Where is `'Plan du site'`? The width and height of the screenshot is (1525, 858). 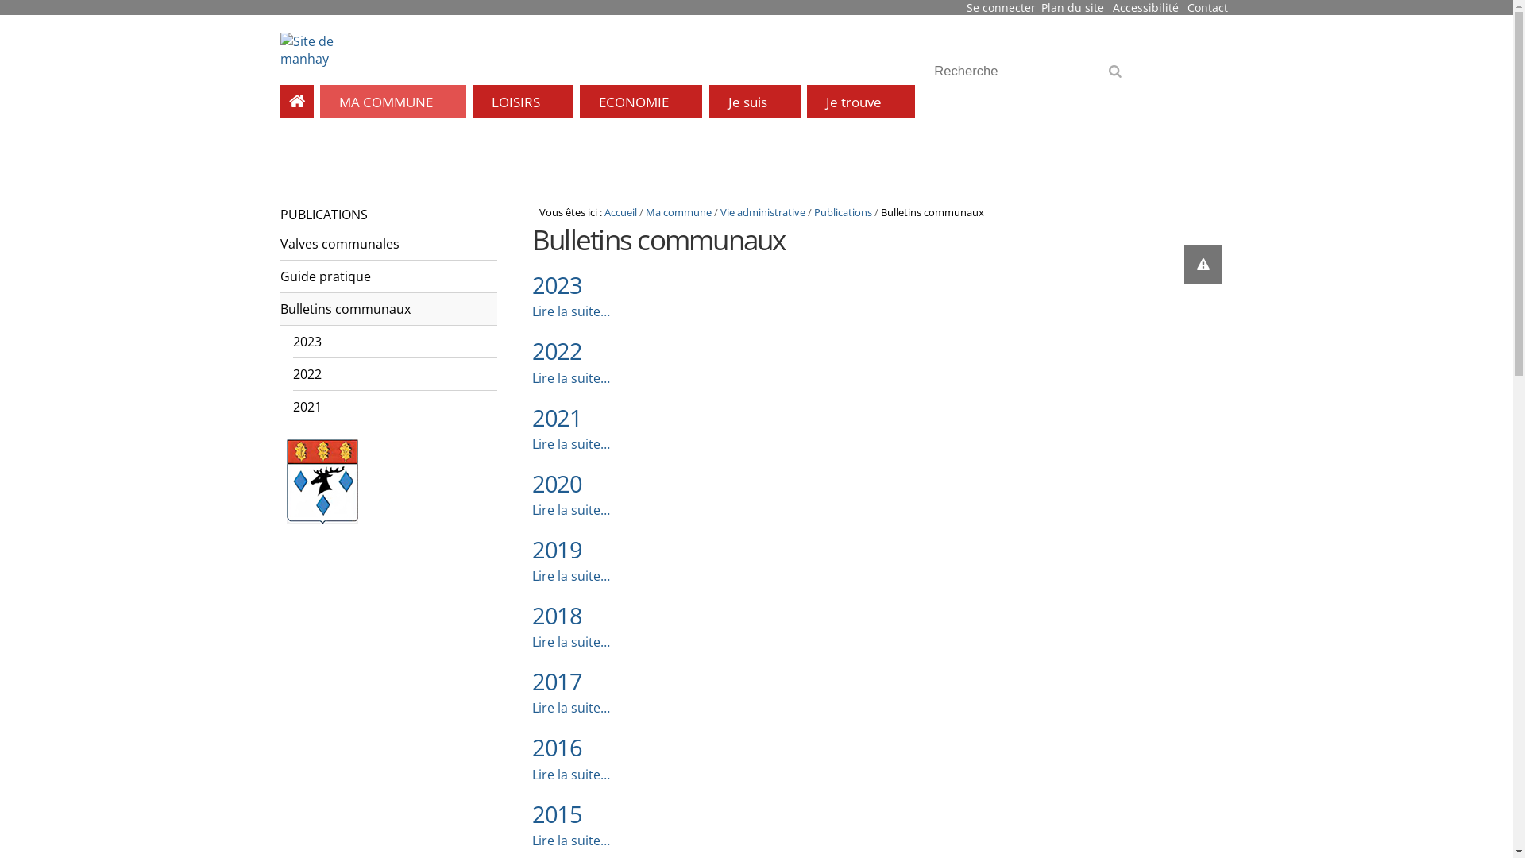
'Plan du site' is located at coordinates (1072, 7).